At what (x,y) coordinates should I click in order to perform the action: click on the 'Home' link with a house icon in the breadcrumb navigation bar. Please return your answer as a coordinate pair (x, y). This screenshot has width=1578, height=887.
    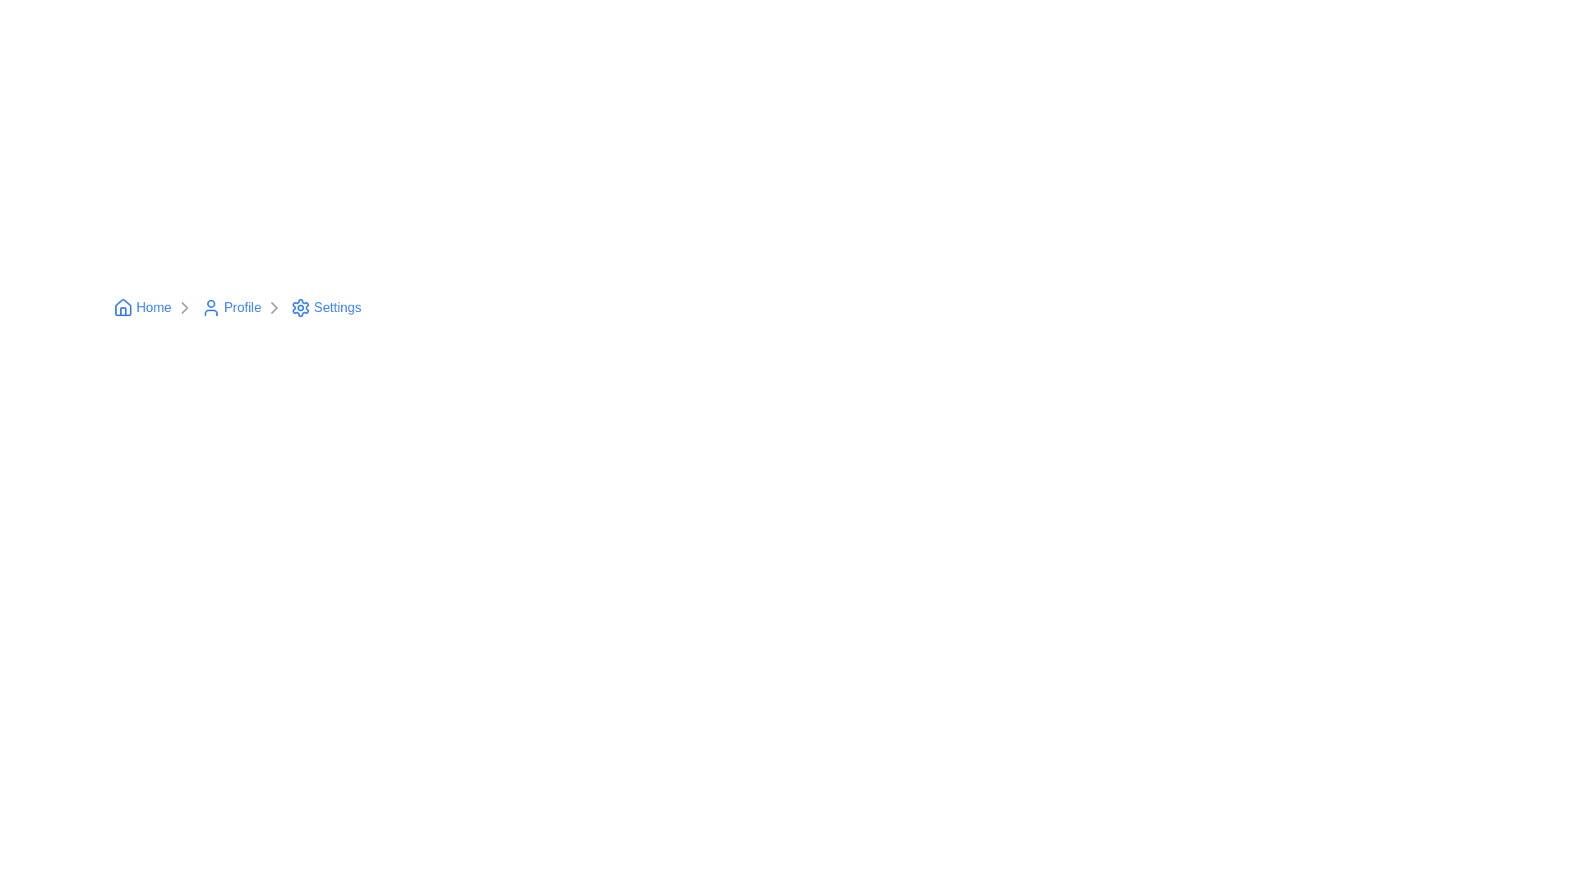
    Looking at the image, I should click on (141, 307).